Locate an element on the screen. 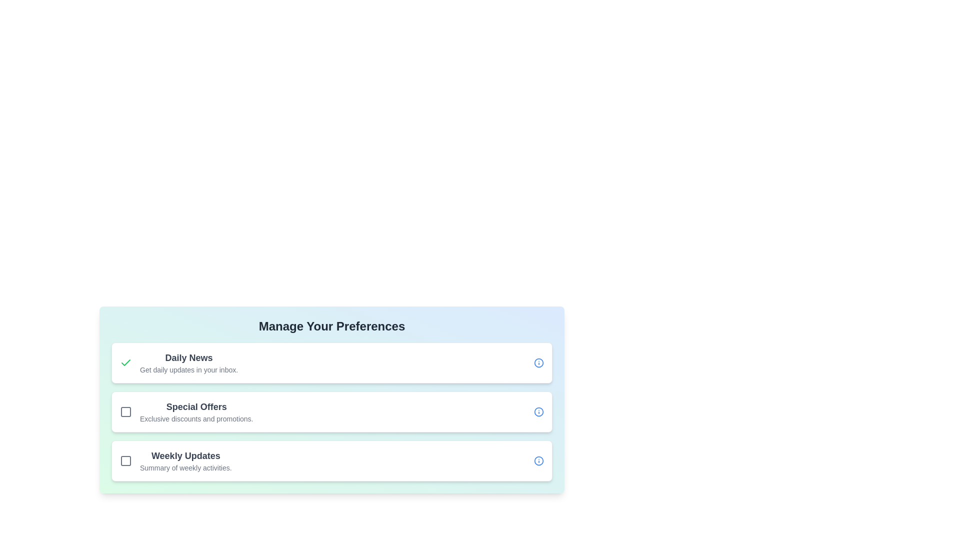  the first Card element in the preferences list titled 'Manage Your Preferences', which allows users to manage their subscription or notification settings for daily news is located at coordinates (331, 412).